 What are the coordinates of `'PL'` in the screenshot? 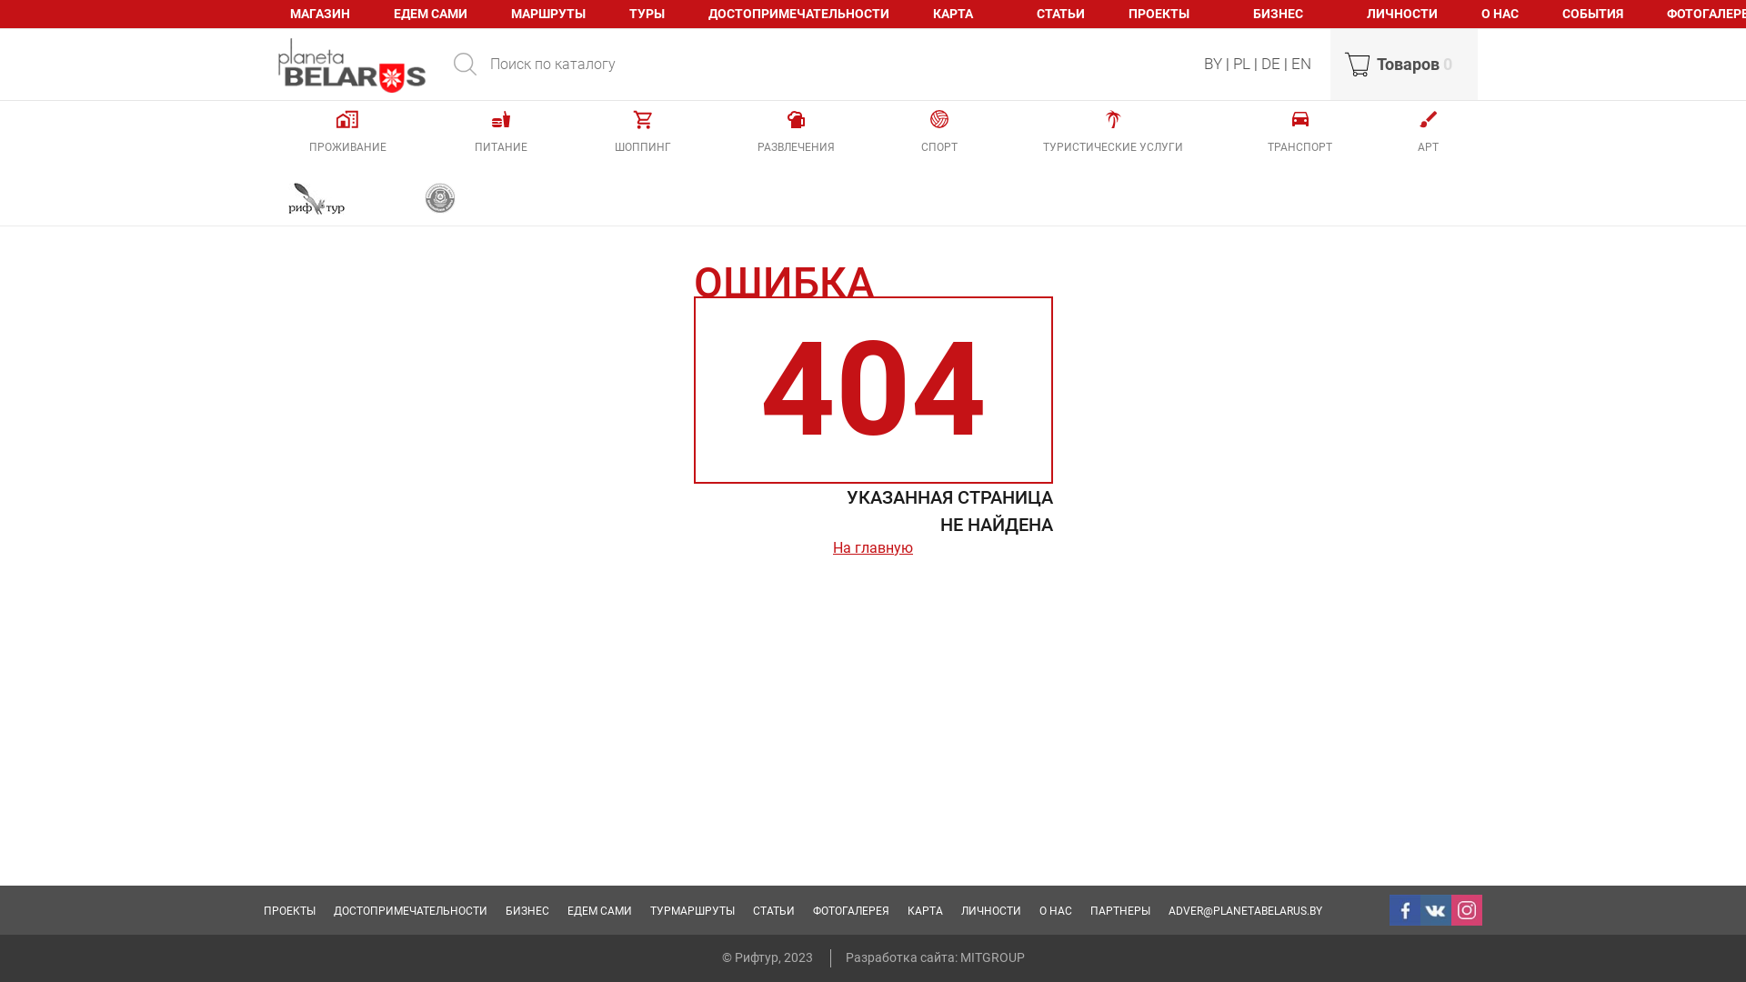 It's located at (1240, 62).